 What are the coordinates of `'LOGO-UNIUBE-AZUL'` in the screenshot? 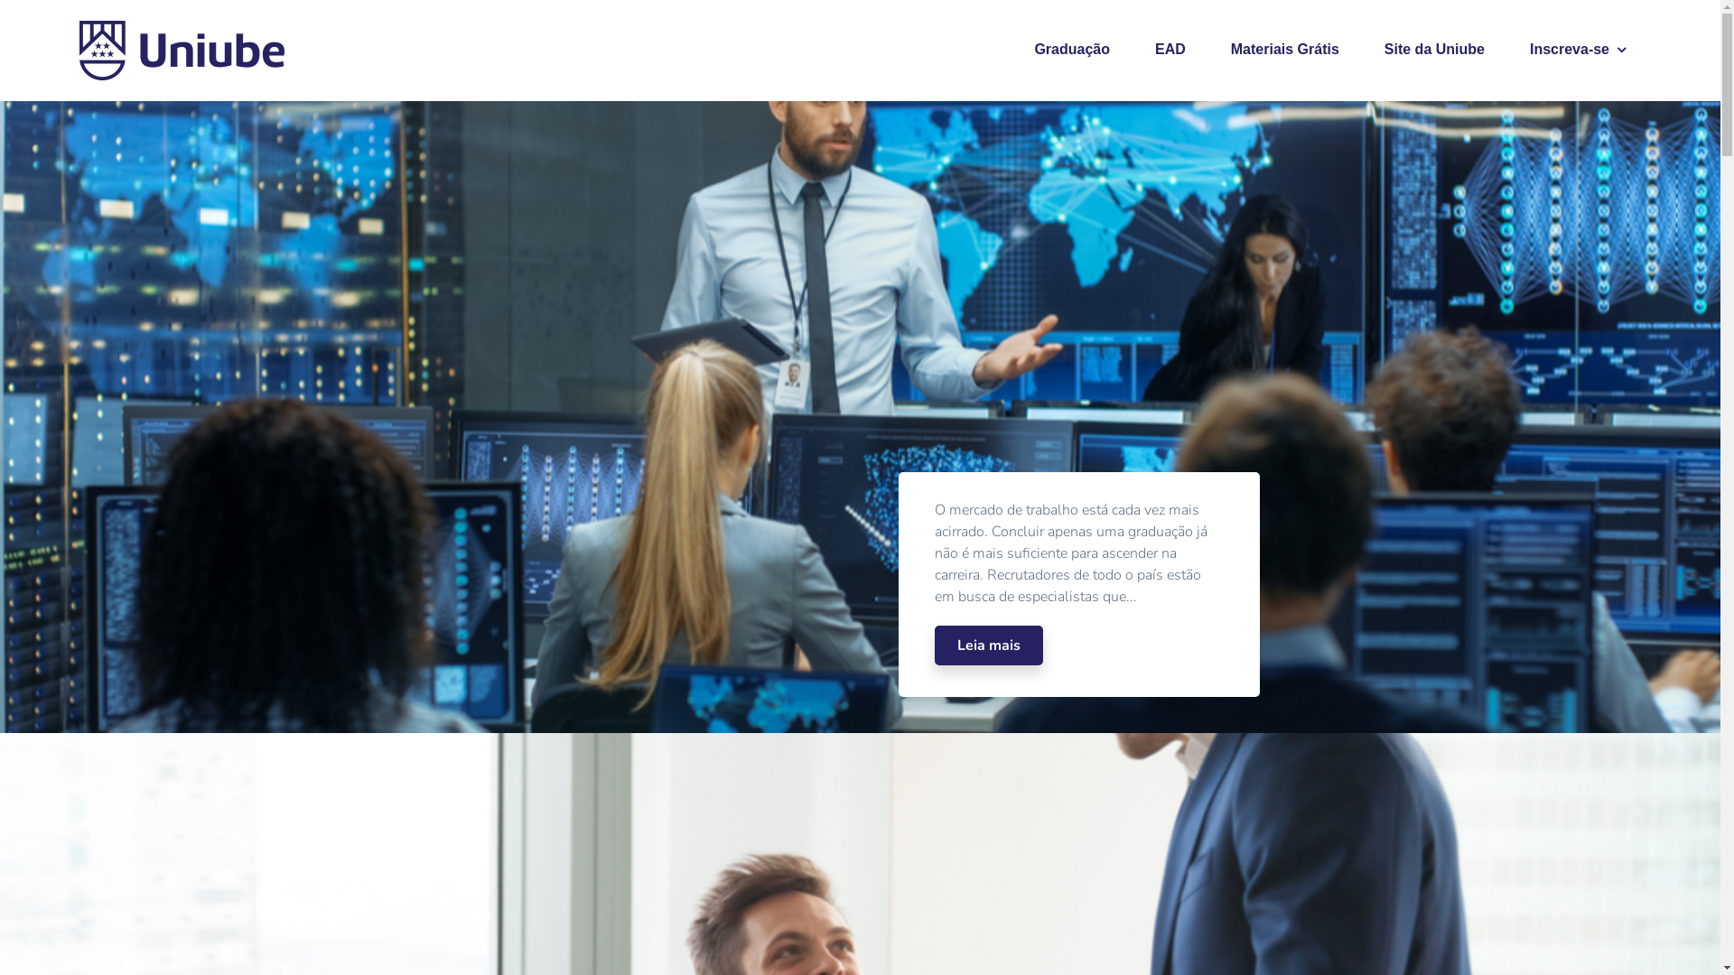 It's located at (72, 50).